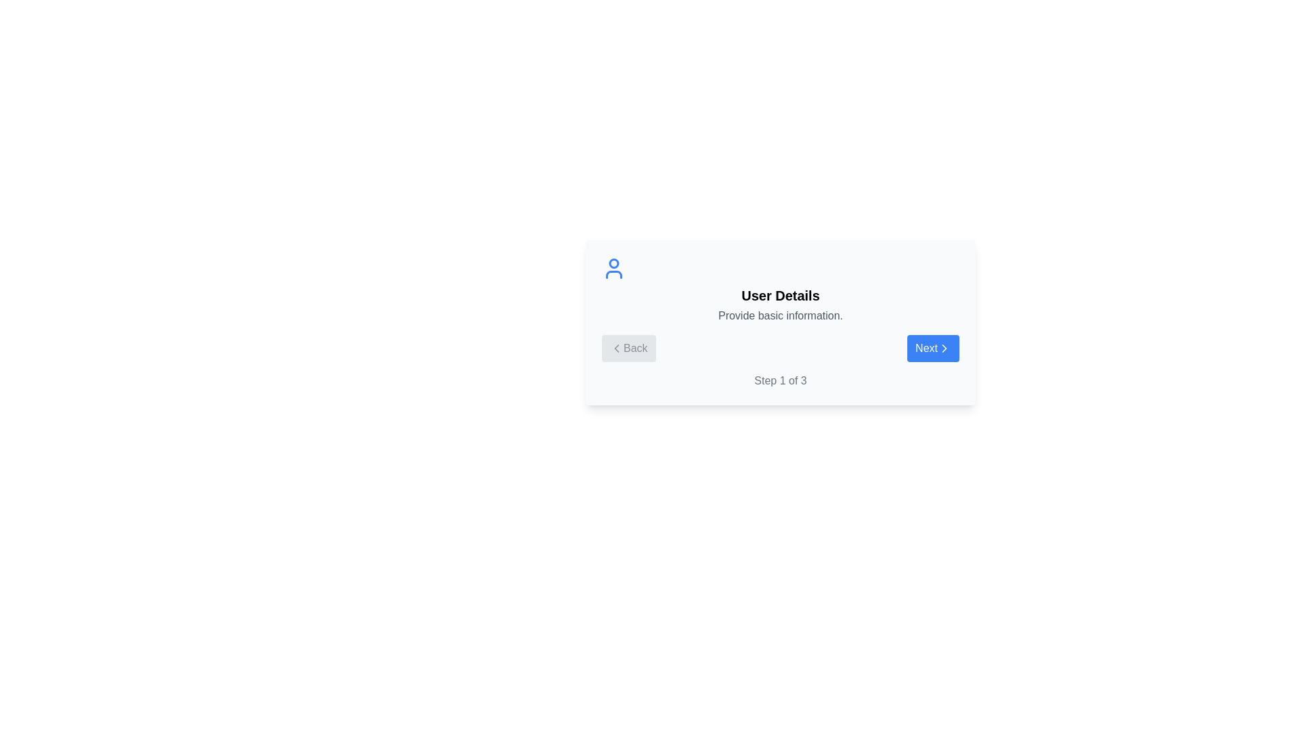  Describe the element at coordinates (628, 348) in the screenshot. I see `the Back button to navigate the stepper` at that location.